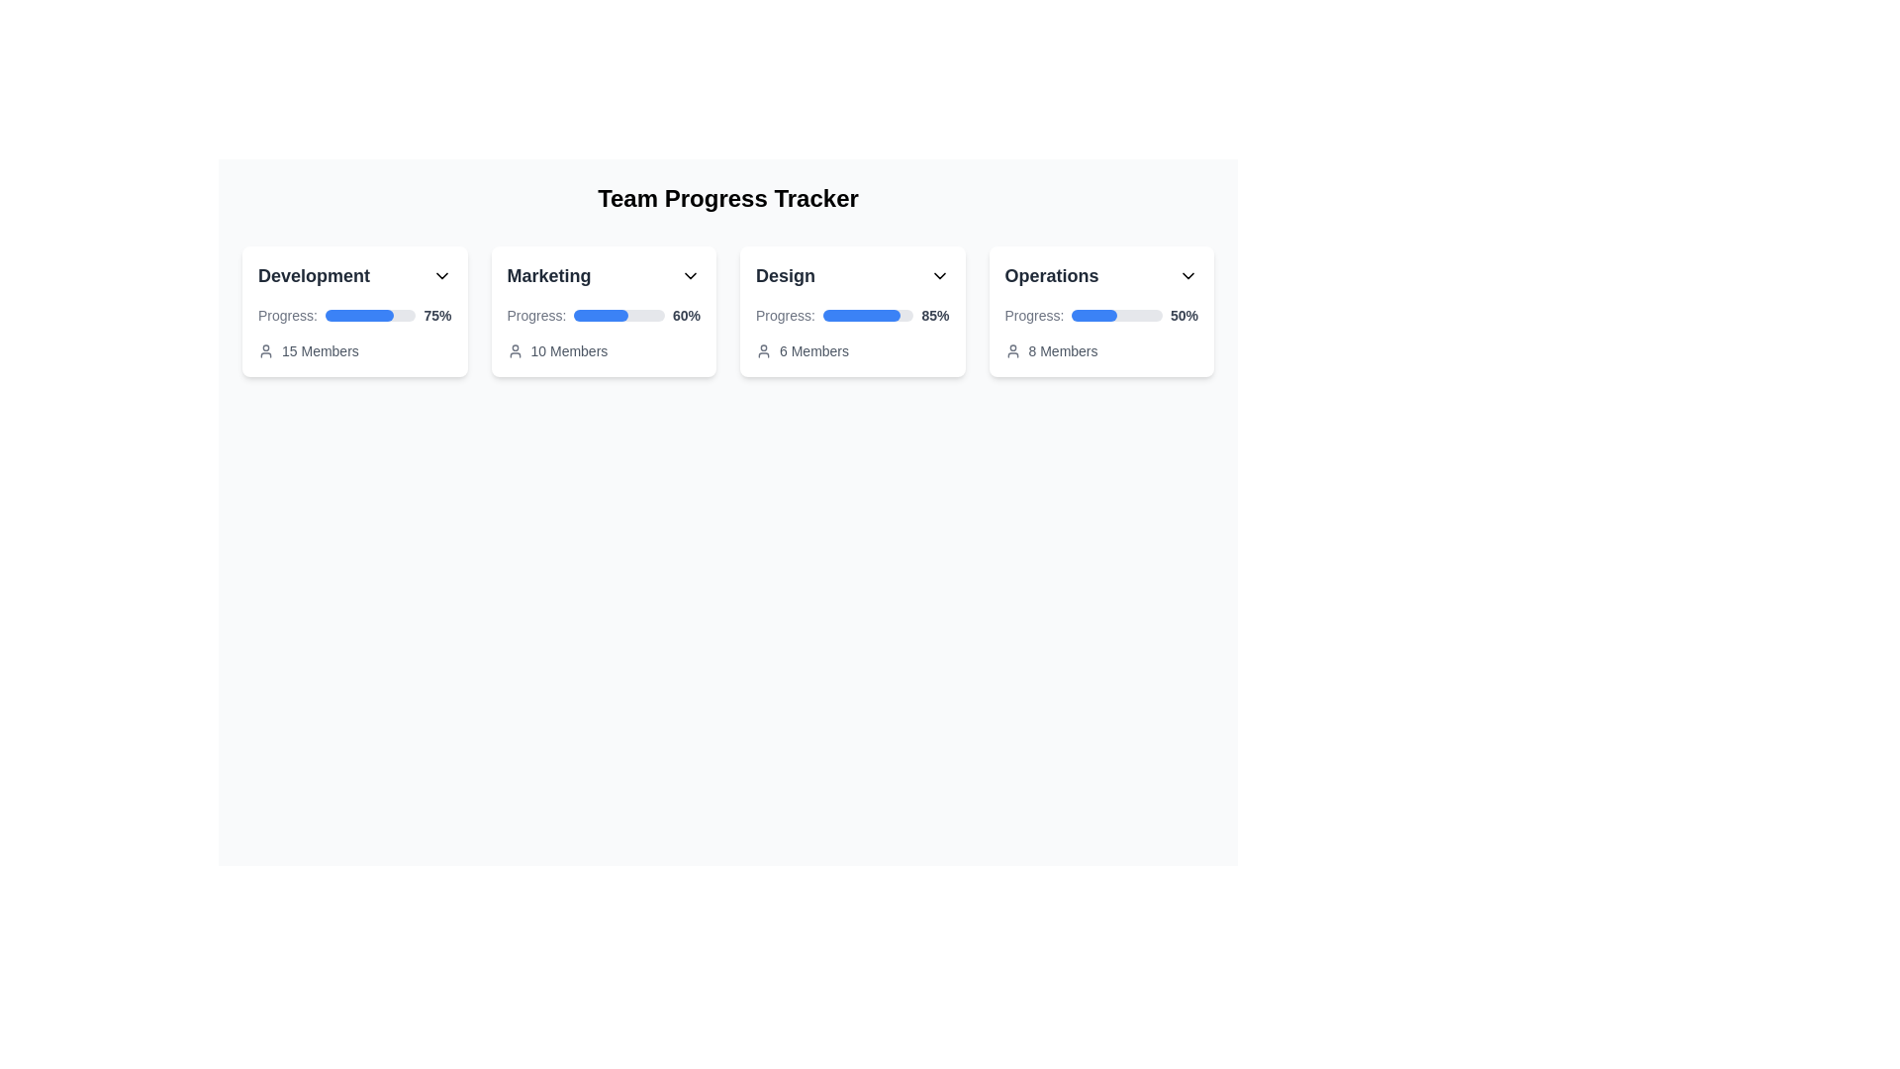 This screenshot has height=1069, width=1900. I want to click on the progress bar labeled 'Progress:' which shows 85% completion within the 'Design' card, so click(852, 315).